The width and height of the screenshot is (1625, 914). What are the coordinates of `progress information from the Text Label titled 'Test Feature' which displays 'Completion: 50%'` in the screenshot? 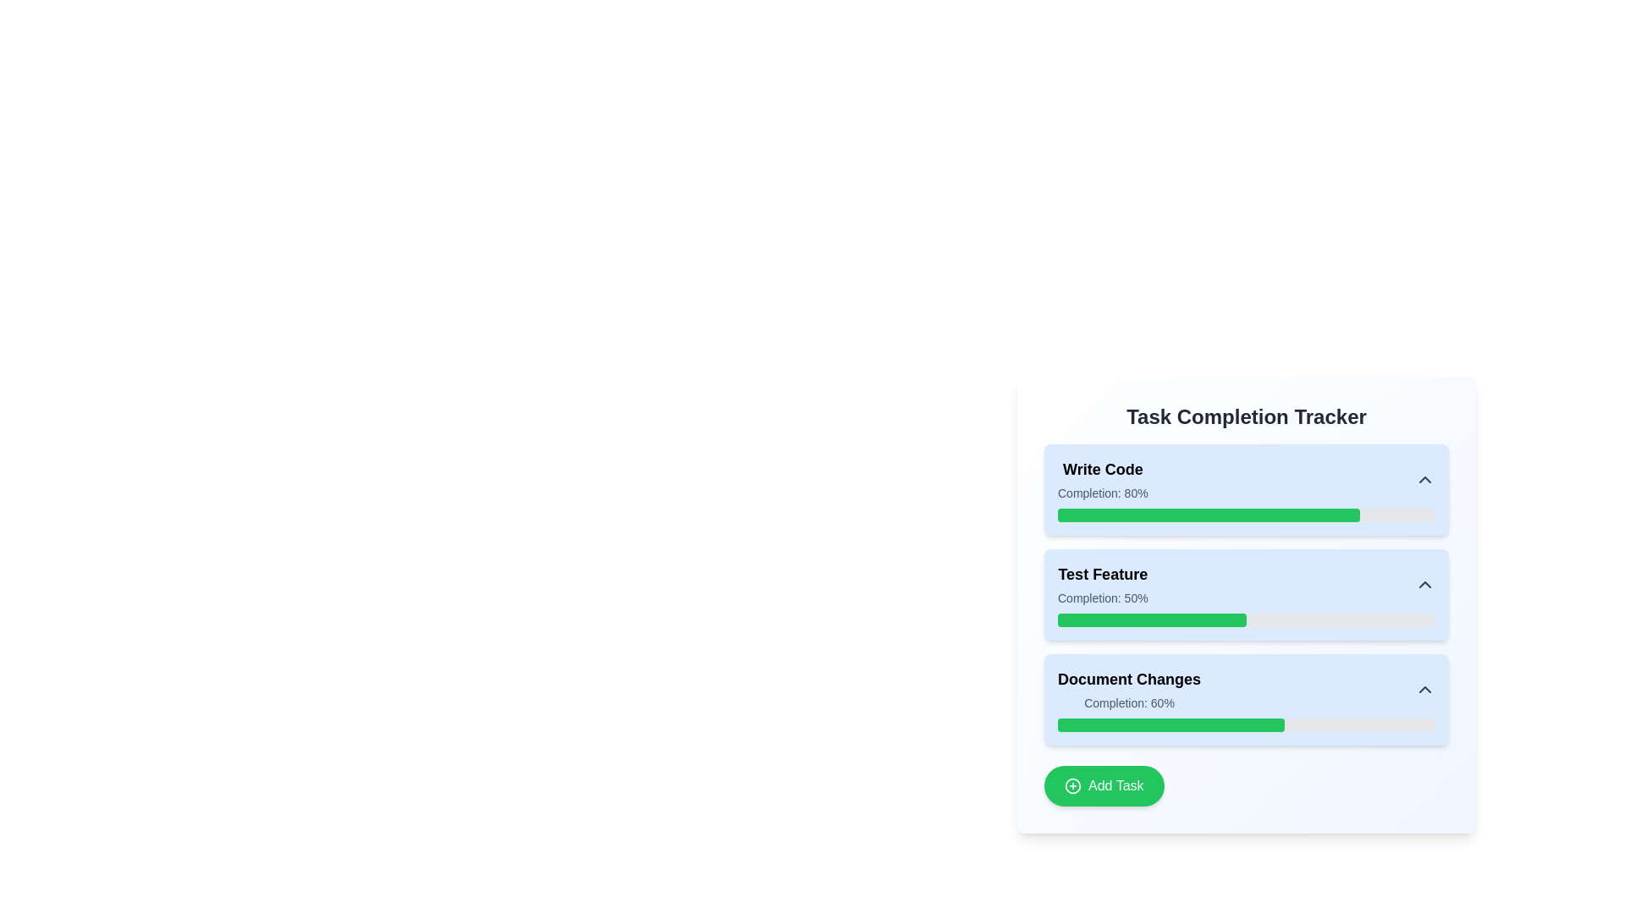 It's located at (1103, 583).